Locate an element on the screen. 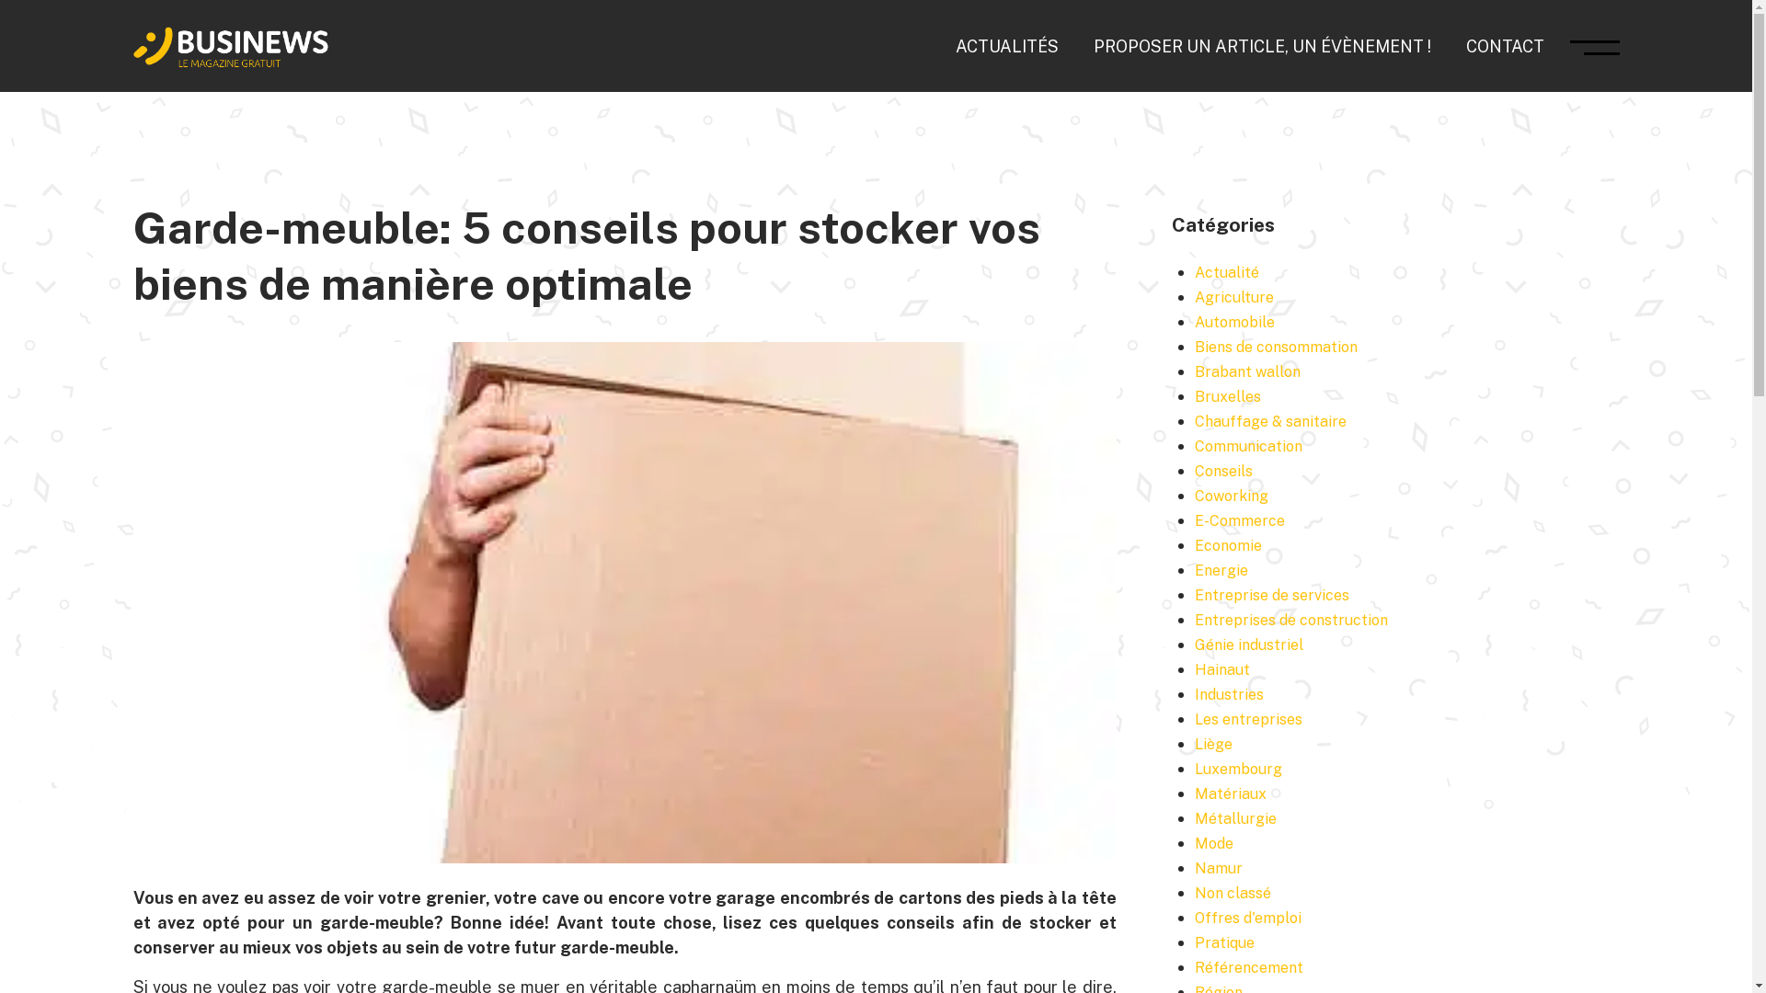 This screenshot has height=993, width=1766. 'Biens de consommation' is located at coordinates (1195, 347).